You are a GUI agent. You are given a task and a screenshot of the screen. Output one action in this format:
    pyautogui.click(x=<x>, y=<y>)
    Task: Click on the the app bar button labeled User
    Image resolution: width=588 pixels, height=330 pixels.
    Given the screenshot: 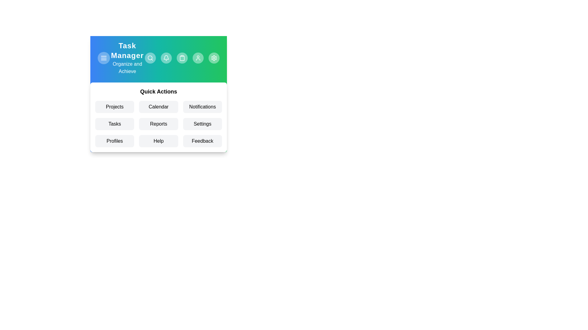 What is the action you would take?
    pyautogui.click(x=198, y=58)
    